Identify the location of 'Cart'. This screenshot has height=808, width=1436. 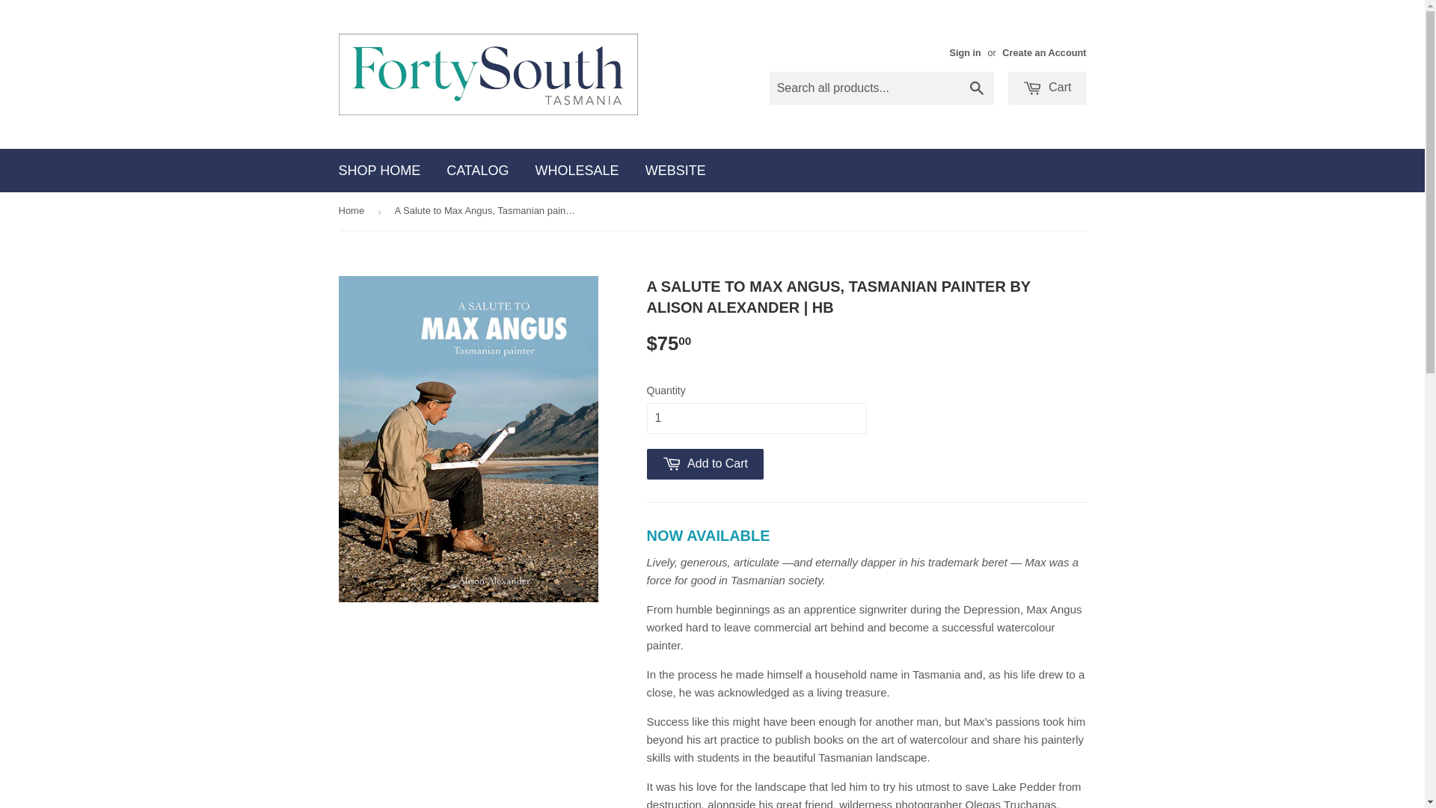
(1046, 88).